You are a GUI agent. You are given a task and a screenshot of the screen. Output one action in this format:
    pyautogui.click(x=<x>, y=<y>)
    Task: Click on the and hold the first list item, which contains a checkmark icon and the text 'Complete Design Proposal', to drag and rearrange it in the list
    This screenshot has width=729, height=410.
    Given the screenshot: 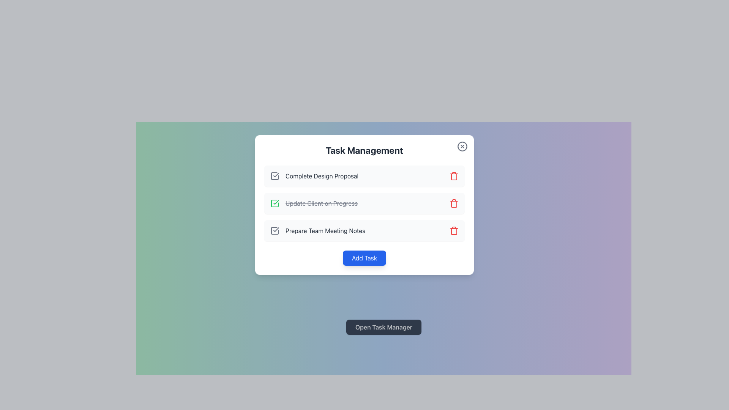 What is the action you would take?
    pyautogui.click(x=314, y=176)
    